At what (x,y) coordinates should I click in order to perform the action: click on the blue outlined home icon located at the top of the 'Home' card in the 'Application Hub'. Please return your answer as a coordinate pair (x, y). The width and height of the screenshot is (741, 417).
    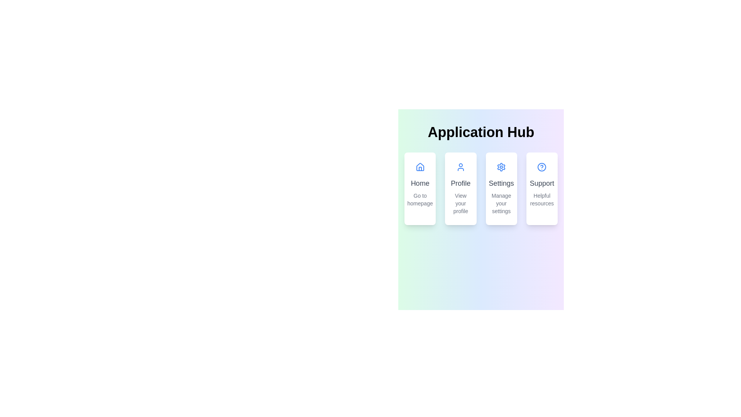
    Looking at the image, I should click on (420, 166).